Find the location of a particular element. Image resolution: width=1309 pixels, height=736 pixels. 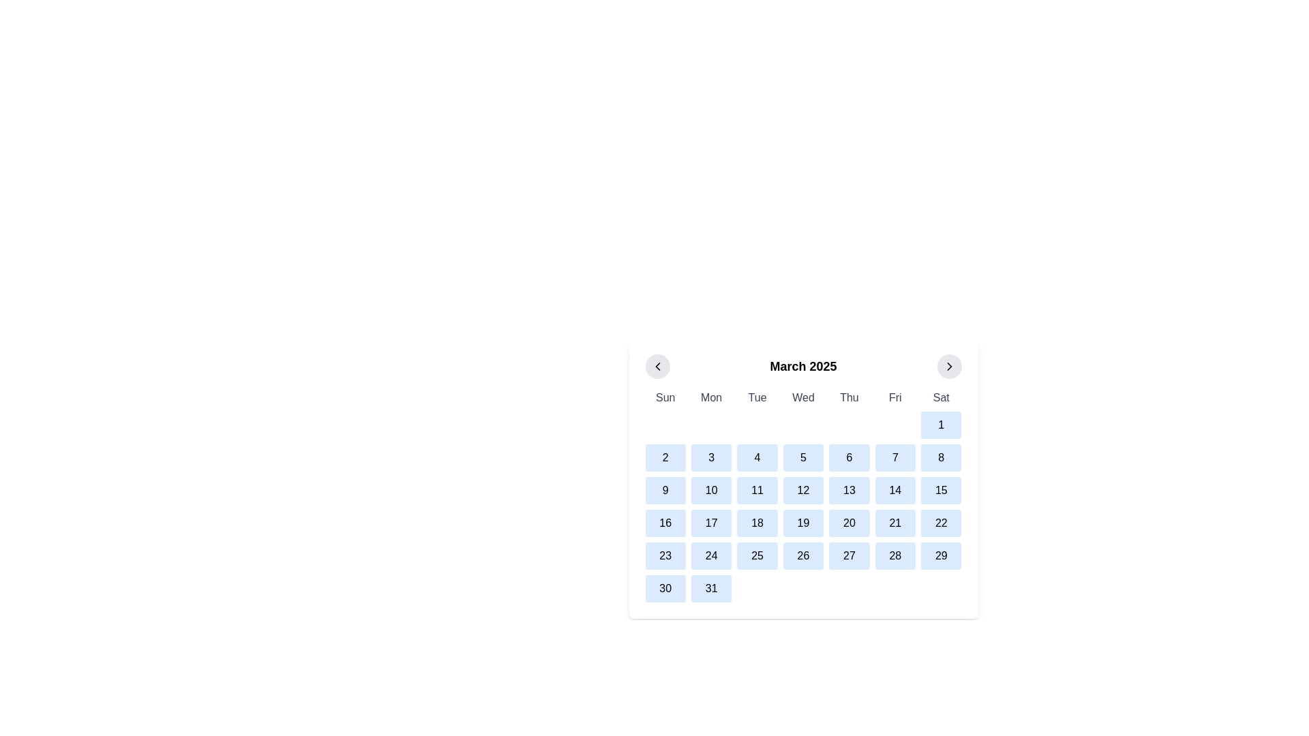

the rectangular button with a light blue background that displays the number '20' centered in black text, located in the sixth row and sixth column of the calendar grid for March 2025 is located at coordinates (848, 522).